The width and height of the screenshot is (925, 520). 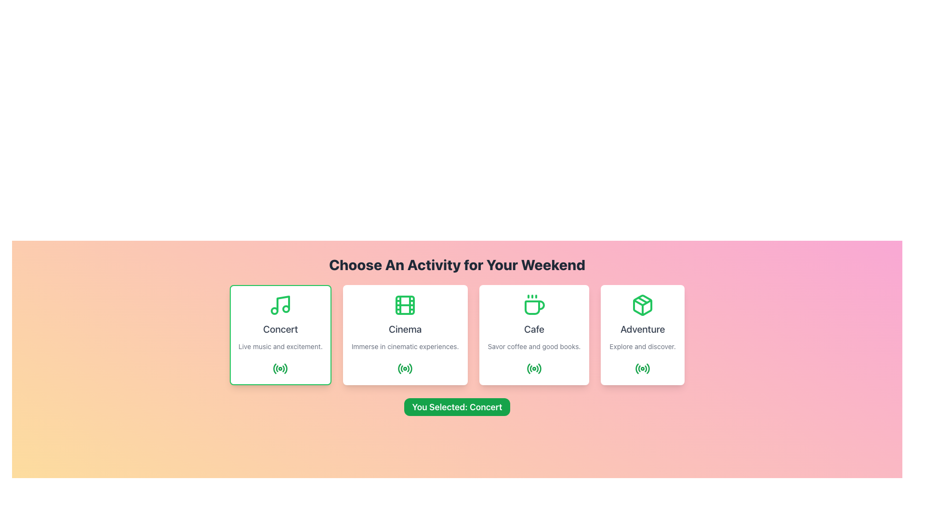 I want to click on the second card labeled 'Cinema' that features a film icon at the top and a description stating 'Immerse in cinematic experiences.', so click(x=405, y=334).